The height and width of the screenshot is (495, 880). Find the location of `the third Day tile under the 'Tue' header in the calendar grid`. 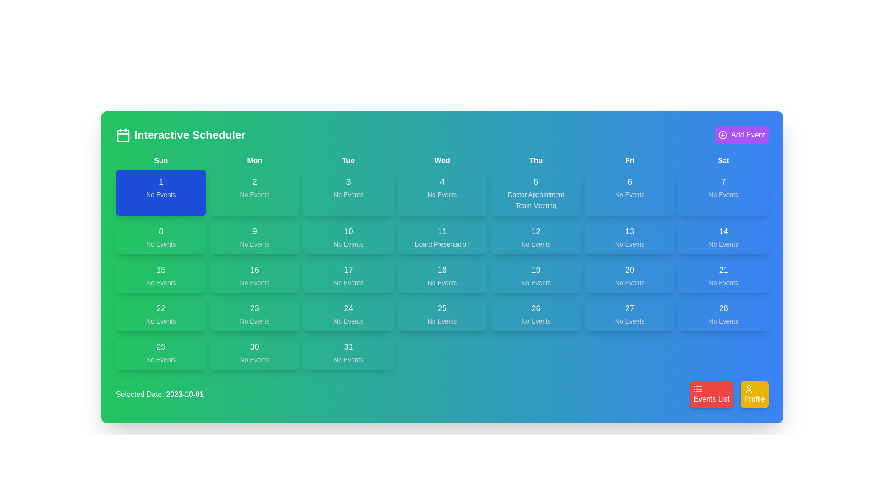

the third Day tile under the 'Tue' header in the calendar grid is located at coordinates (348, 192).